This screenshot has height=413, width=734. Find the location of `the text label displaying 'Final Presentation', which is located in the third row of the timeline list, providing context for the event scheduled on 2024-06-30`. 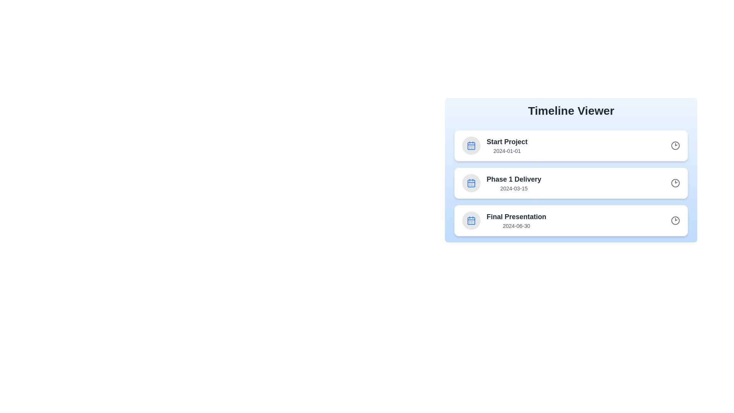

the text label displaying 'Final Presentation', which is located in the third row of the timeline list, providing context for the event scheduled on 2024-06-30 is located at coordinates (516, 217).